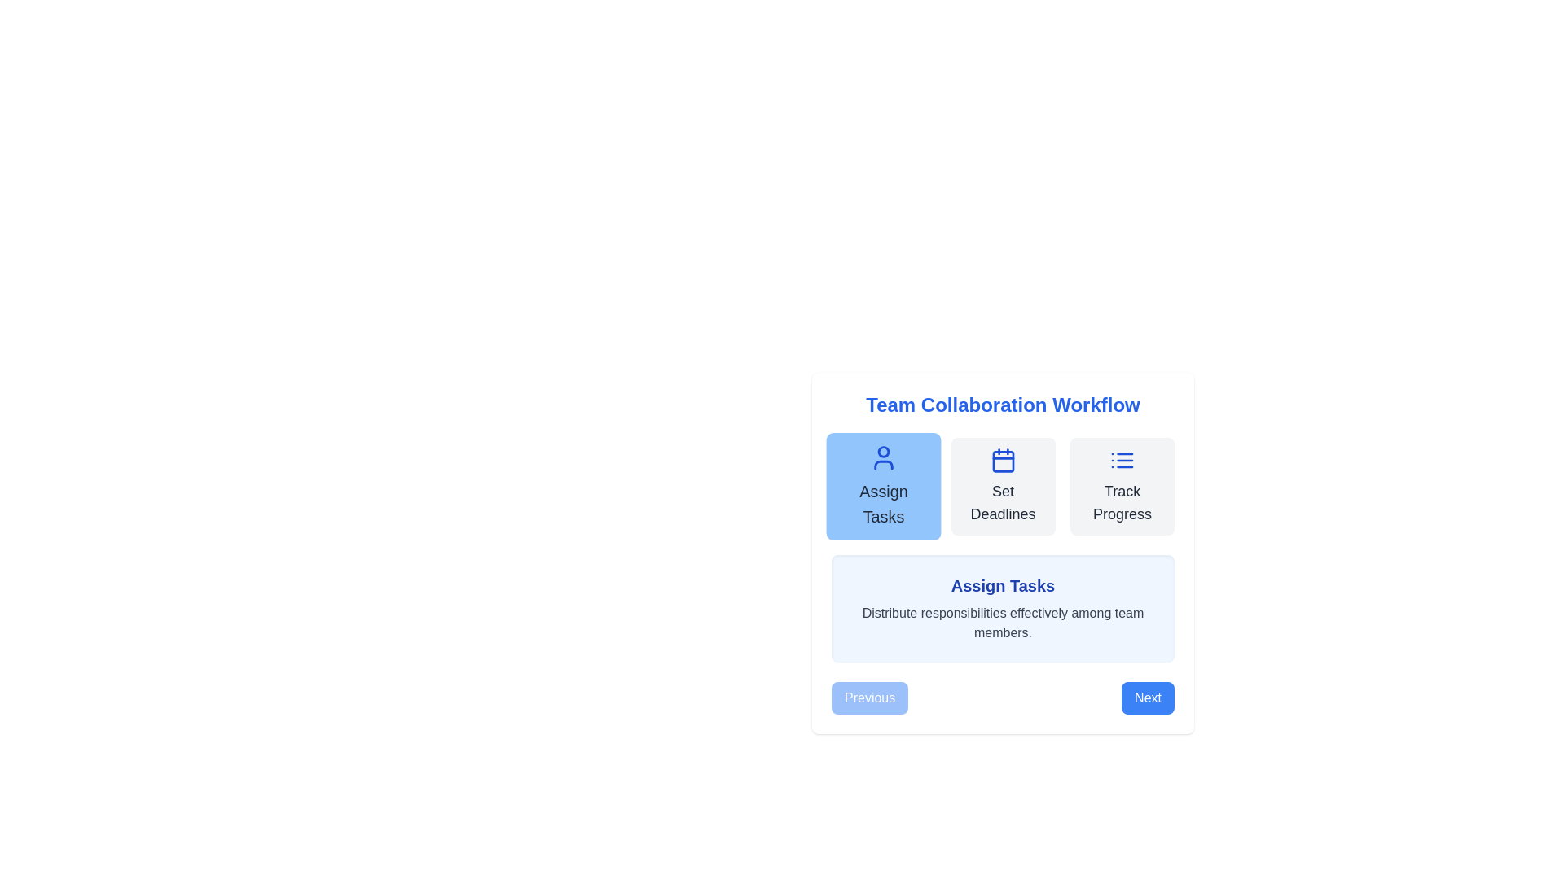 The height and width of the screenshot is (879, 1564). Describe the element at coordinates (1121, 485) in the screenshot. I see `text 'Track Progress' from the Card element with a light-gray background and rounded corners, located as the rightmost card in a row of three elements` at that location.